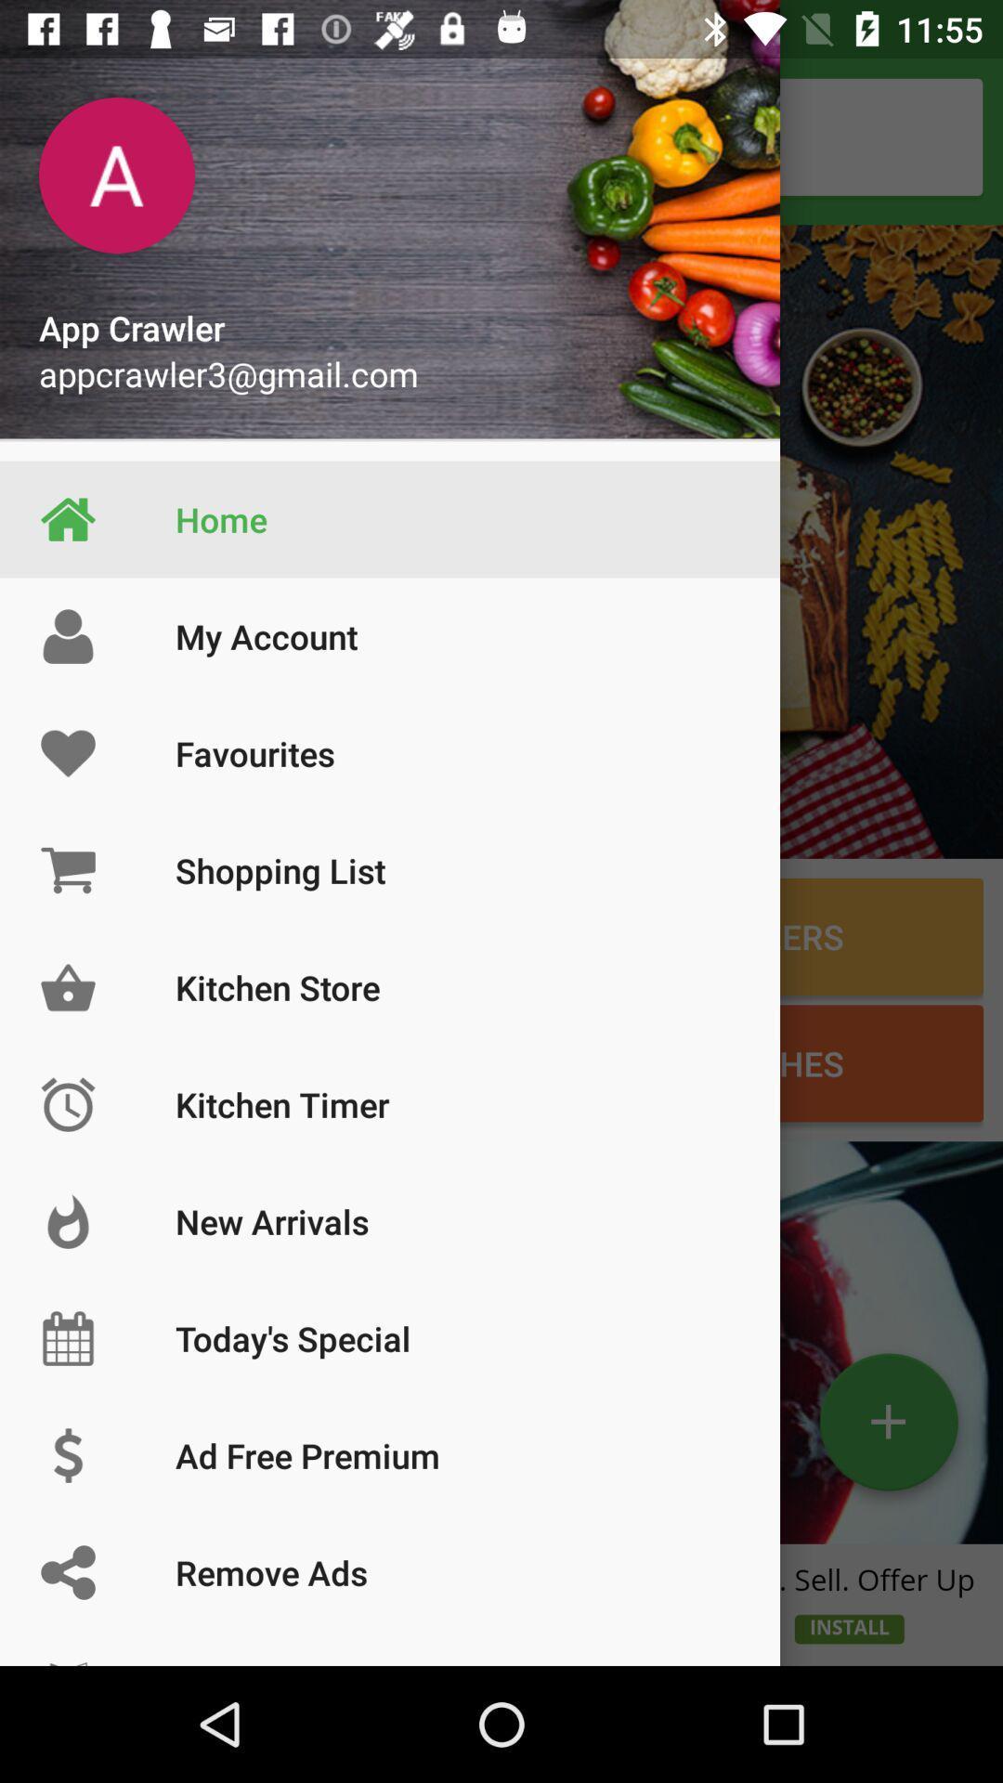 The image size is (1003, 1783). I want to click on the add icon, so click(887, 1428).